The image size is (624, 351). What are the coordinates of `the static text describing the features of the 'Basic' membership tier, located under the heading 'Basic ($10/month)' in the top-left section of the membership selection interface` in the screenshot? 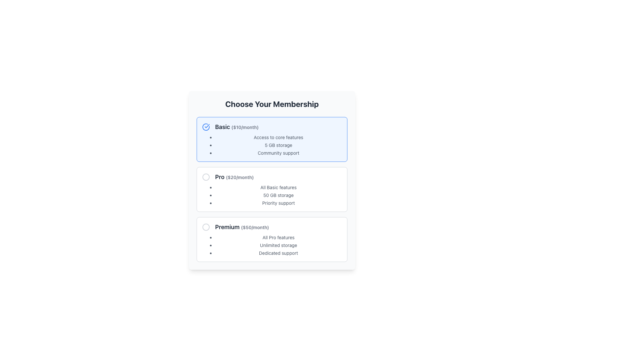 It's located at (279, 137).